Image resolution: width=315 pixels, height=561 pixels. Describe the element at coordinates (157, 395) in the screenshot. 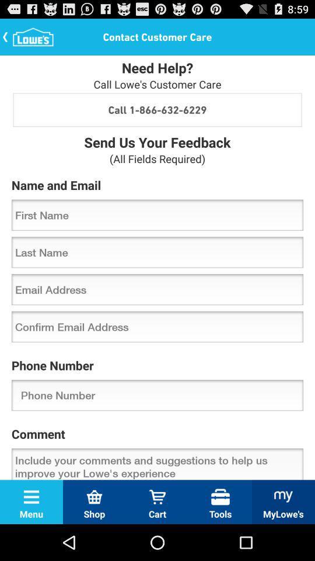

I see `the item above comment icon` at that location.